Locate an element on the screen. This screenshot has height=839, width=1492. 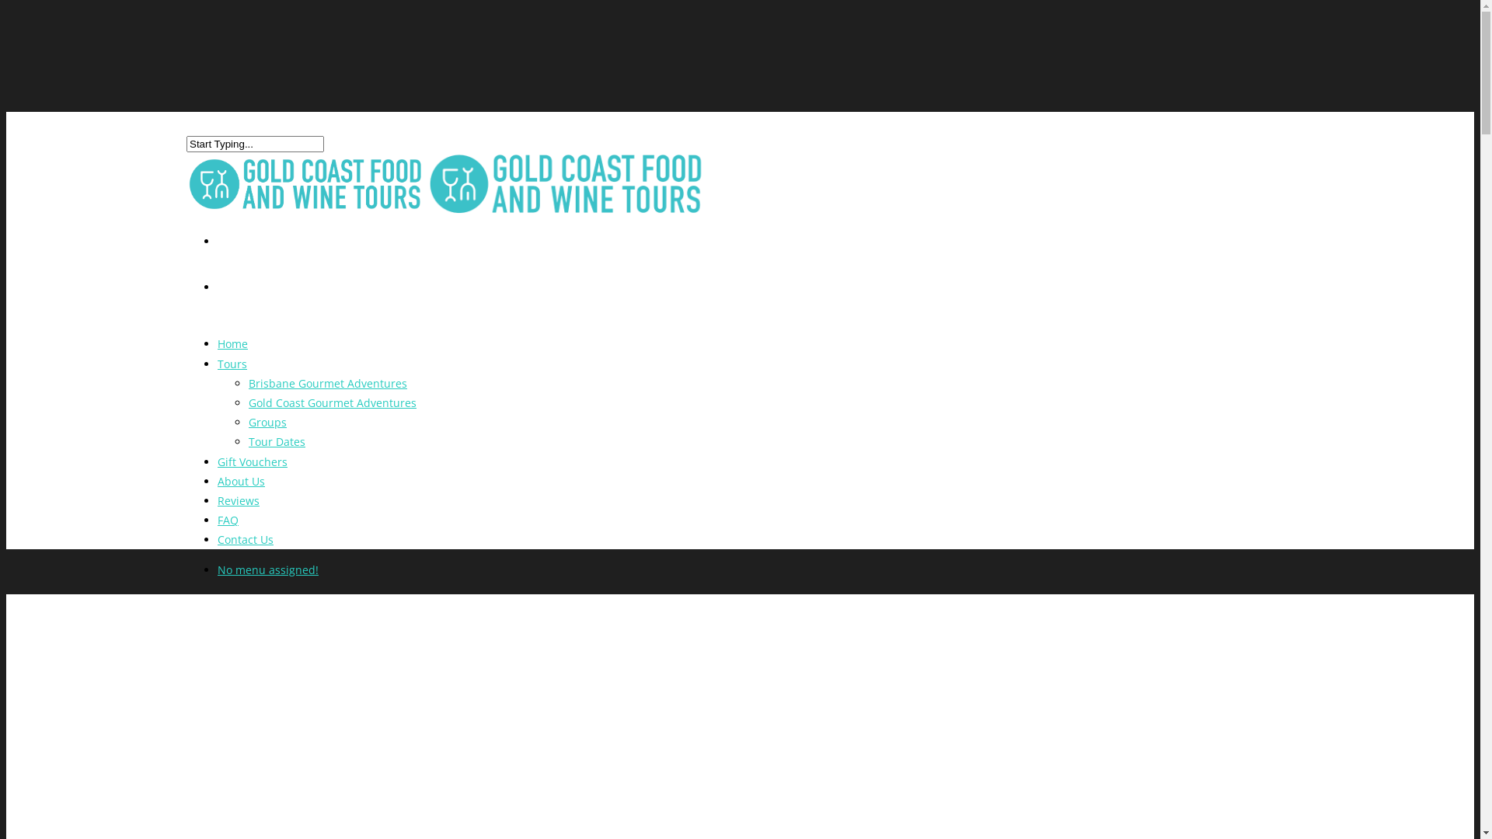
'About Us' is located at coordinates (240, 492).